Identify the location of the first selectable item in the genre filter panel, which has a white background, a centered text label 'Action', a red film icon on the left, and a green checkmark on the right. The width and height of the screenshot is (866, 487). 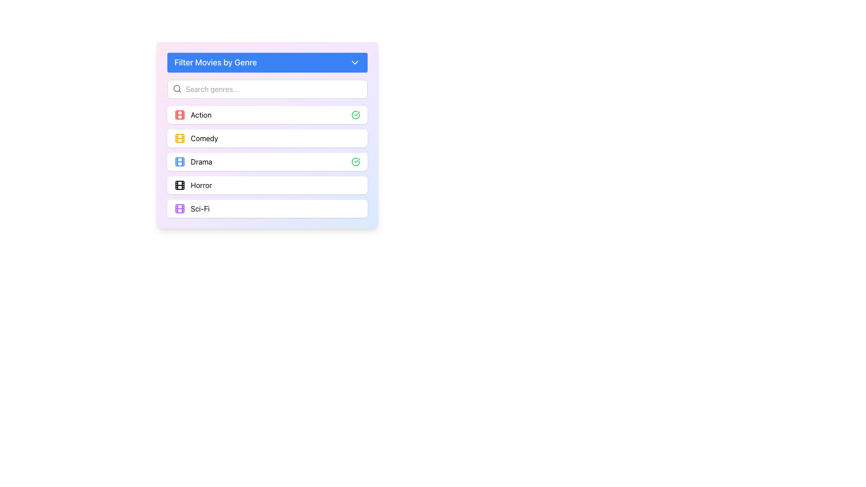
(267, 114).